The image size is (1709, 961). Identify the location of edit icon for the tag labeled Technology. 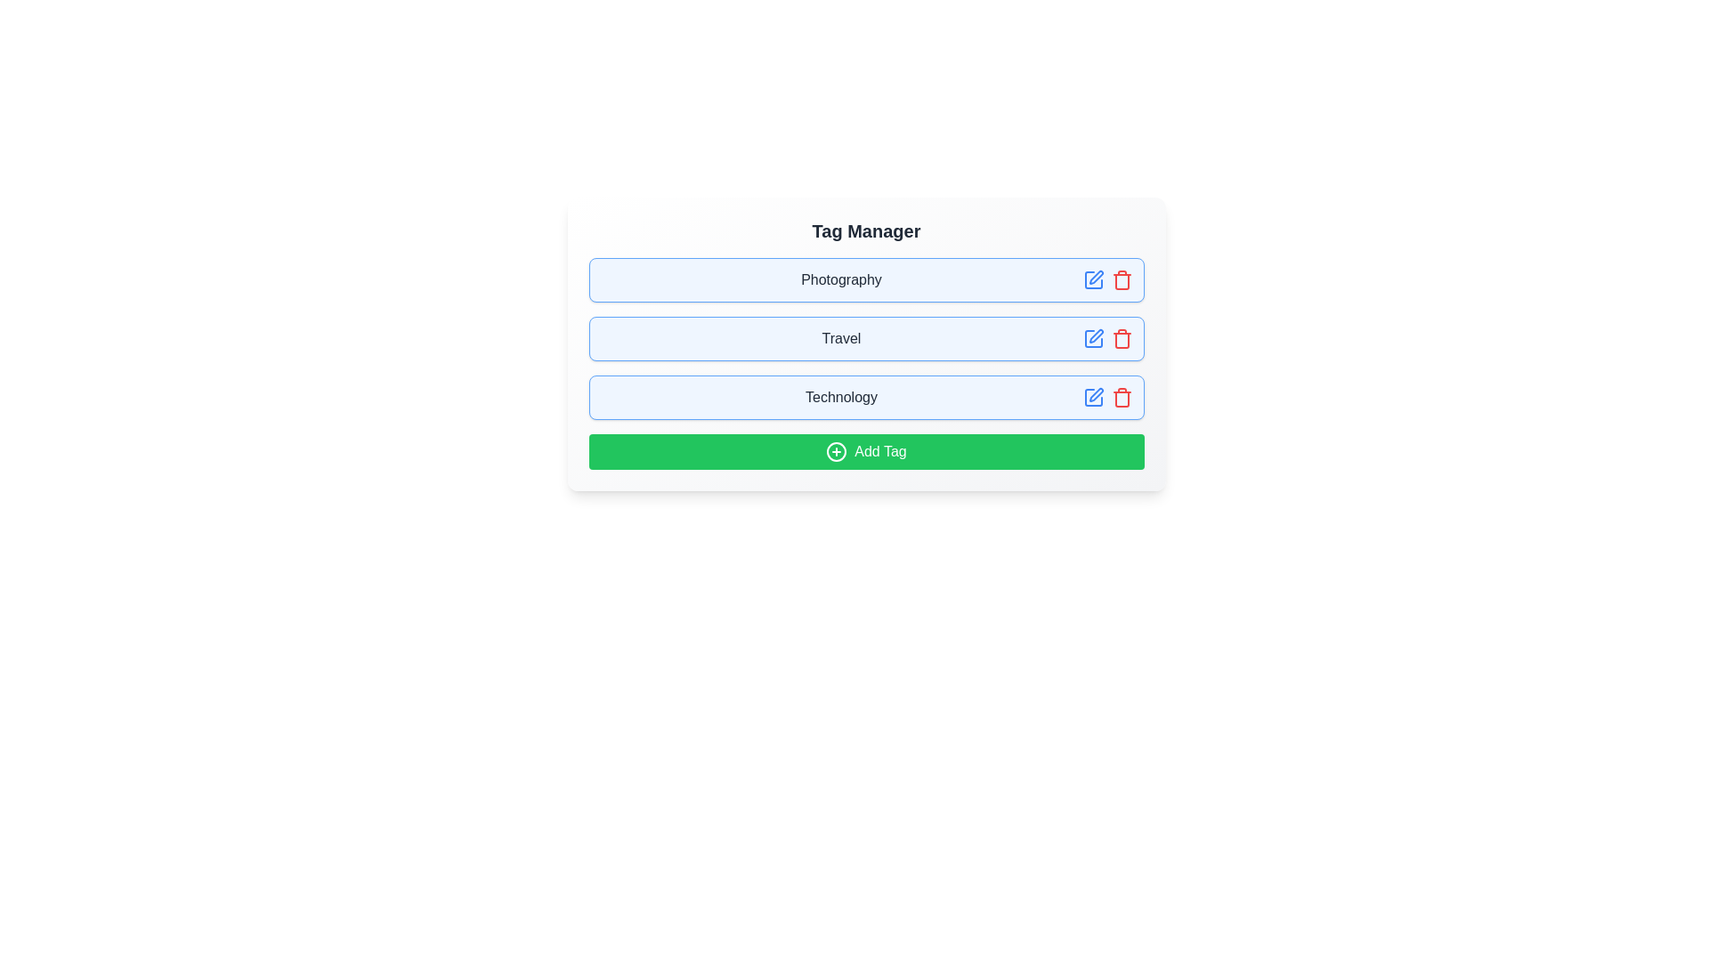
(1092, 397).